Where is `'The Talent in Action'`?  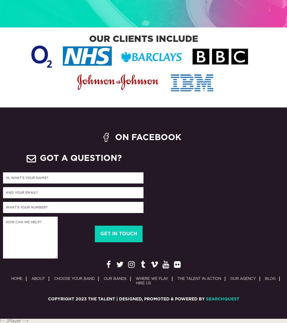
'The Talent in Action' is located at coordinates (199, 279).